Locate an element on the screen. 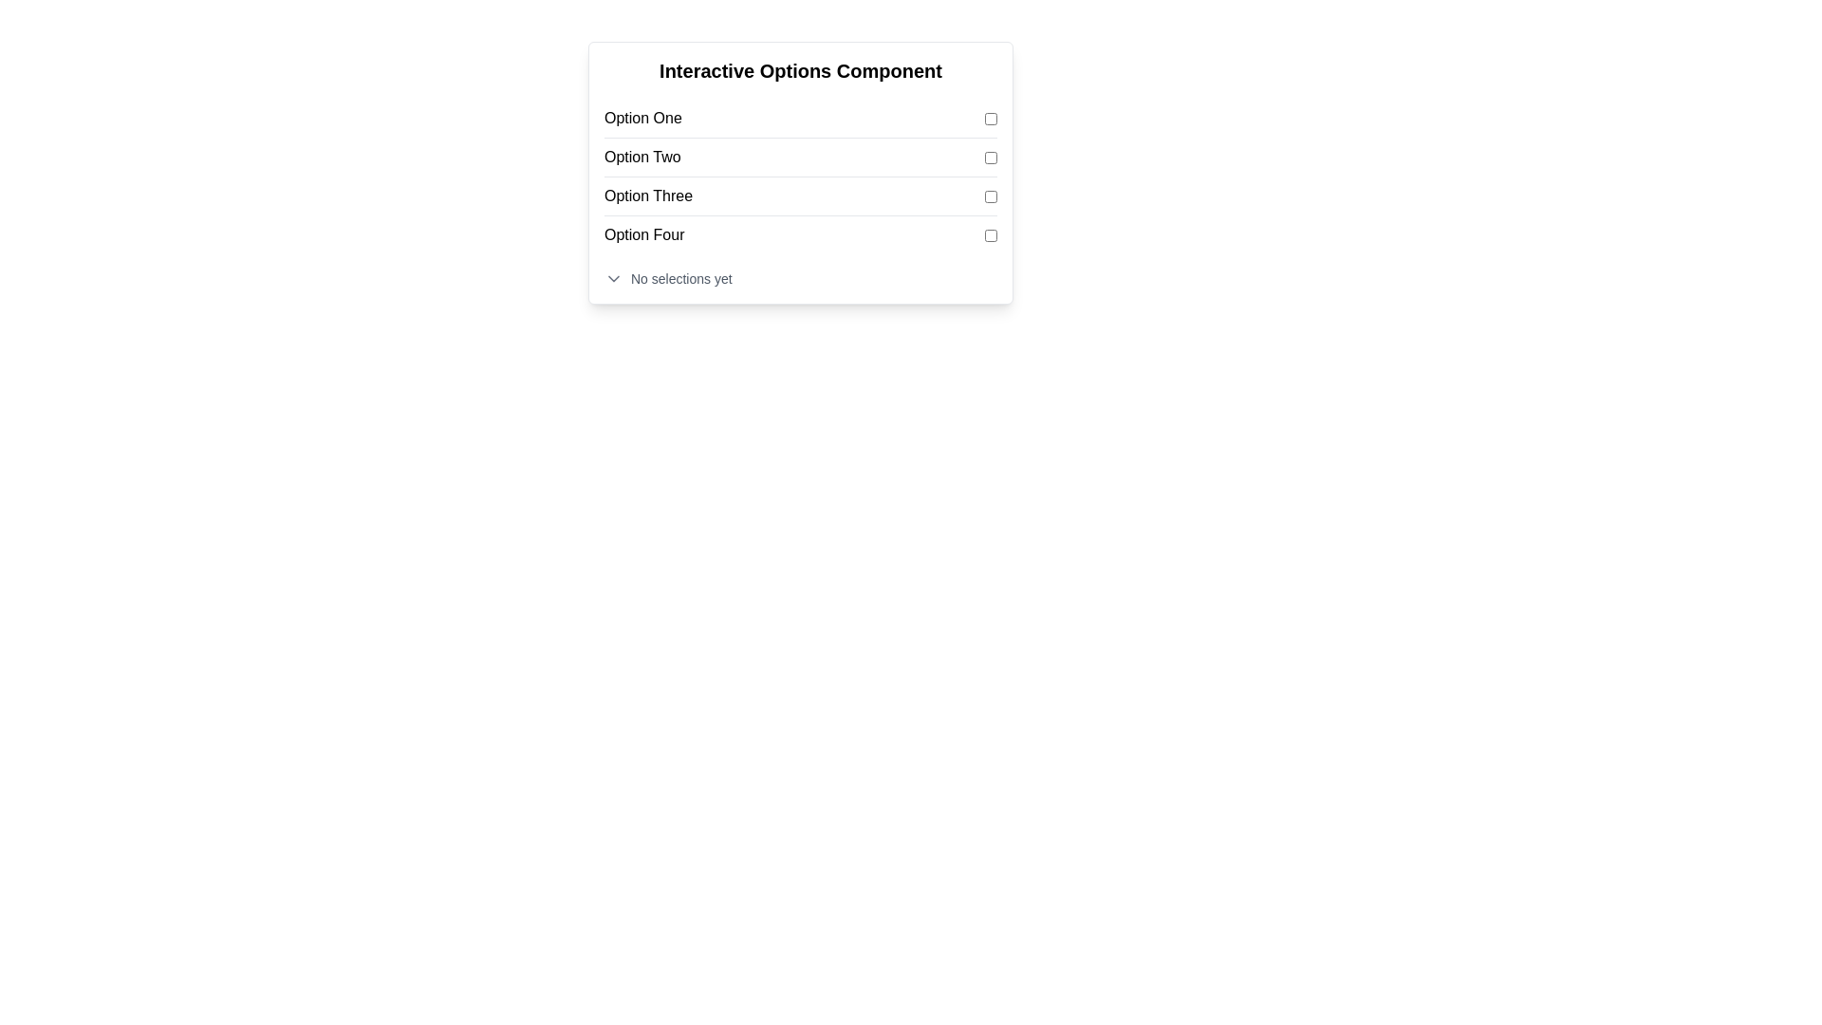 The image size is (1822, 1025). the label displaying 'Option Four', which is the fourth option in a vertically arranged list, located to the left of its associated checkbox is located at coordinates (644, 233).